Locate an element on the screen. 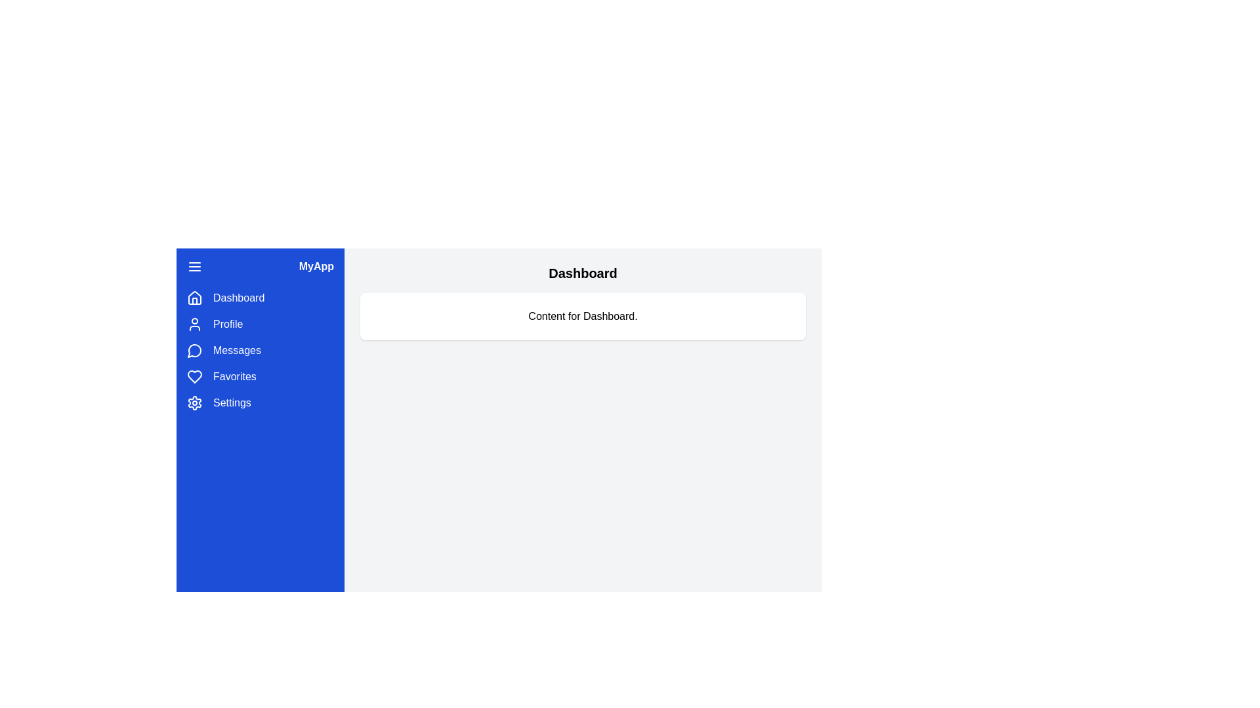 This screenshot has width=1260, height=708. the rectangular panel with rounded corners and a light gray background containing the text 'Content for Dashboard.' is located at coordinates (582, 316).